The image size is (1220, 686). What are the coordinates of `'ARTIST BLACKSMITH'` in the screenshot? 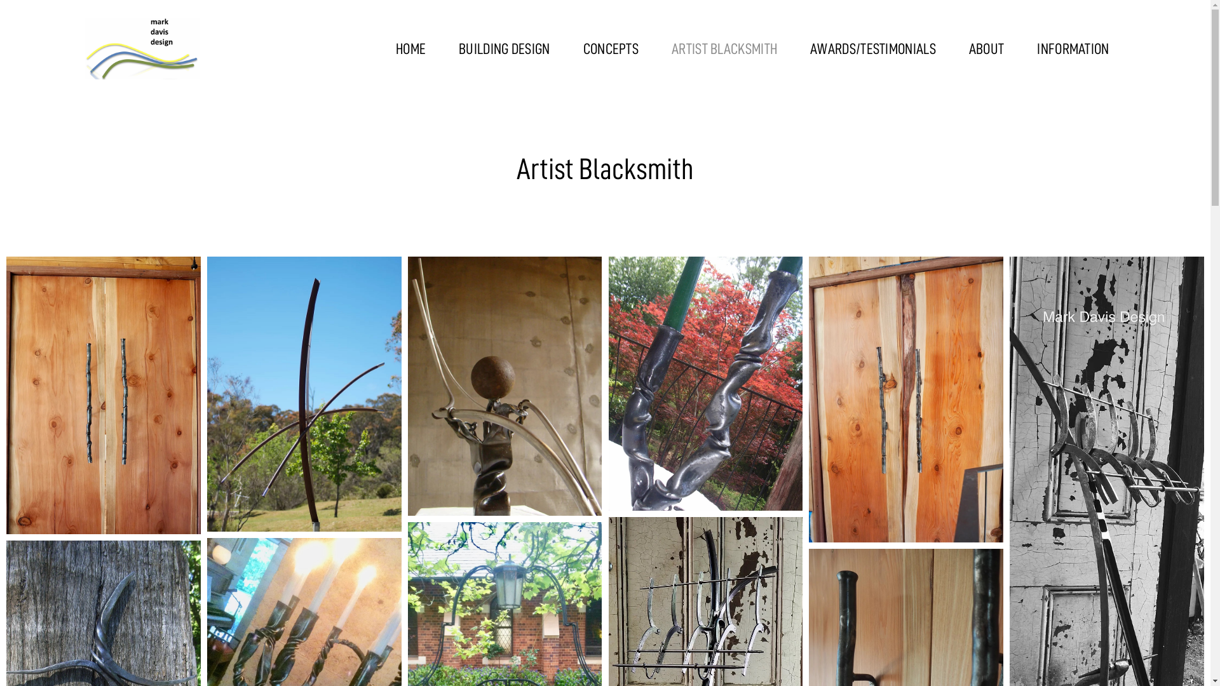 It's located at (724, 48).